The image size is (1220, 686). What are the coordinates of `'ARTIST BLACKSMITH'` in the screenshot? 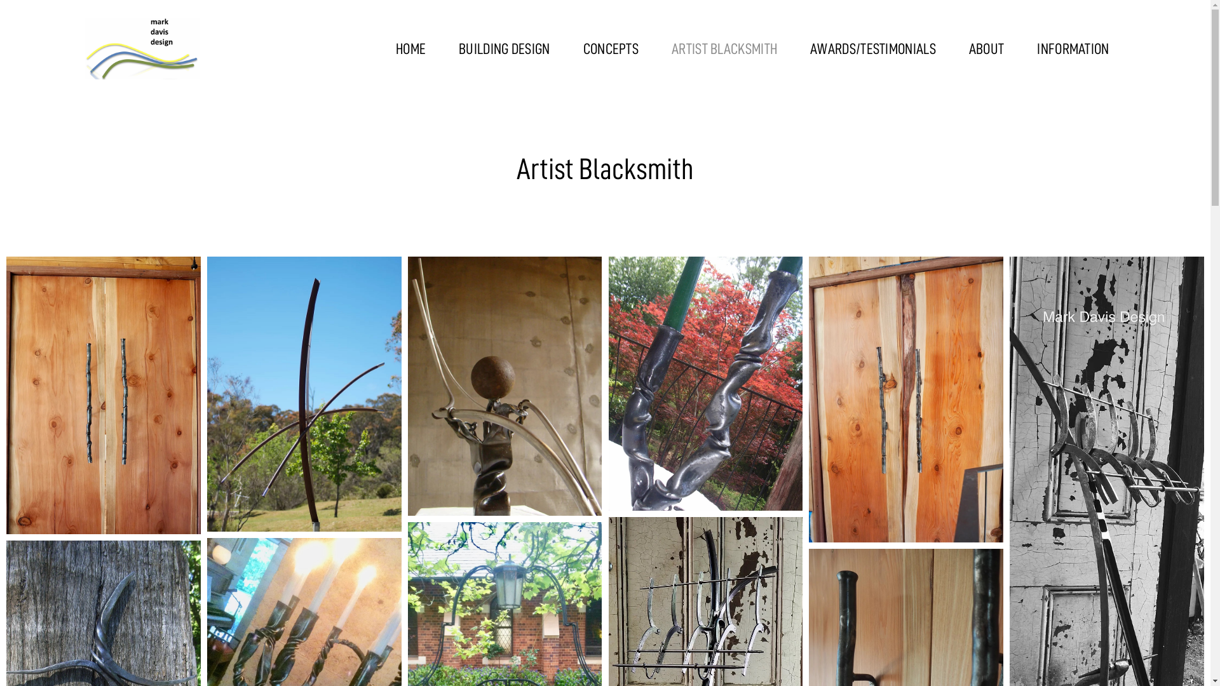 It's located at (724, 48).